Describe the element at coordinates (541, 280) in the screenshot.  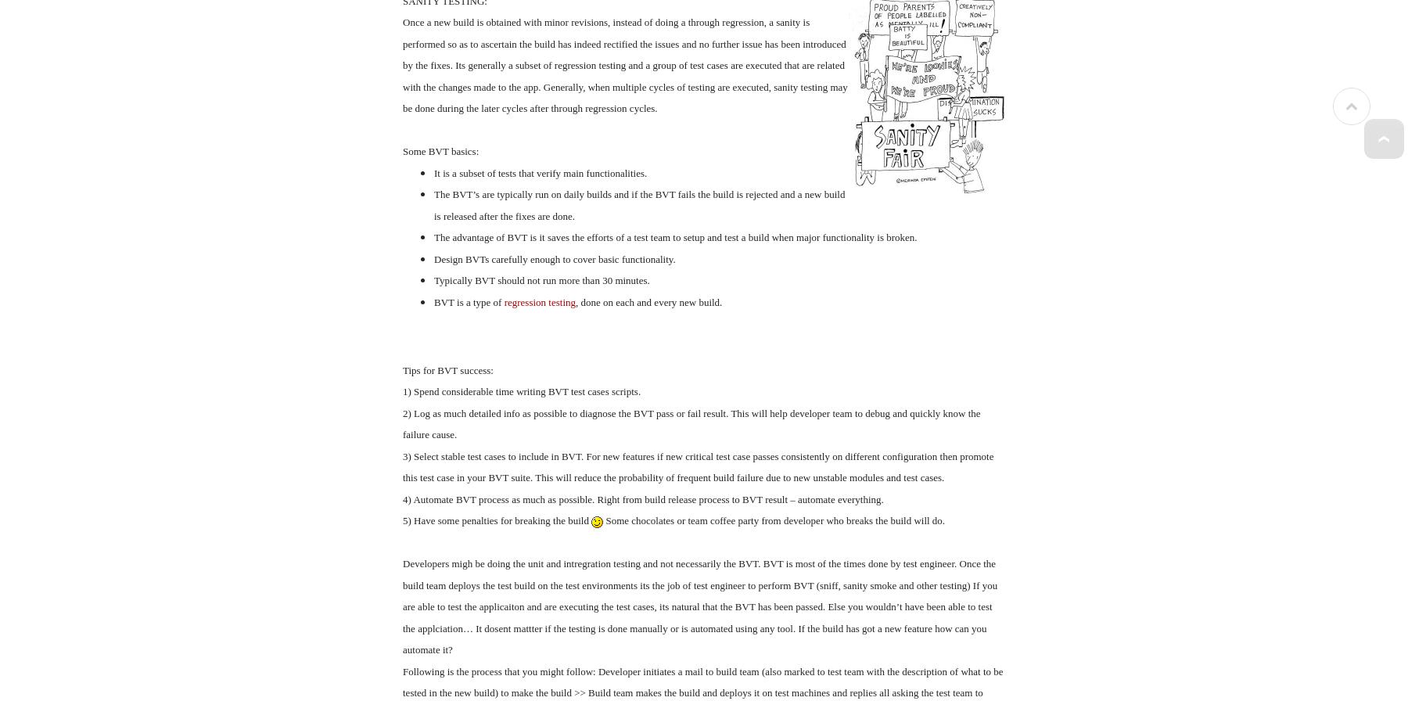
I see `'Typically BVT should not run more than 30 minutes.'` at that location.